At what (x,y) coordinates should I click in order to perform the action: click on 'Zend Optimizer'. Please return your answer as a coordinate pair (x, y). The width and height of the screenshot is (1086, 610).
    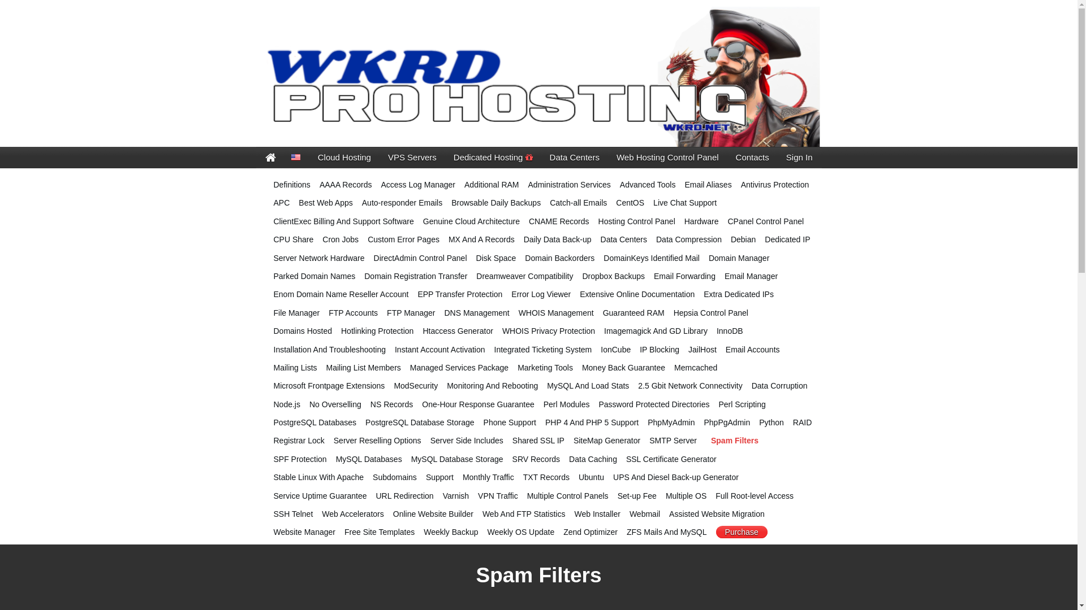
    Looking at the image, I should click on (589, 531).